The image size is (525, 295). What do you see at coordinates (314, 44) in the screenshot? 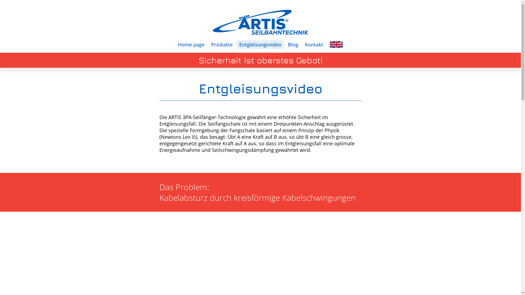
I see `'Kontakt'` at bounding box center [314, 44].